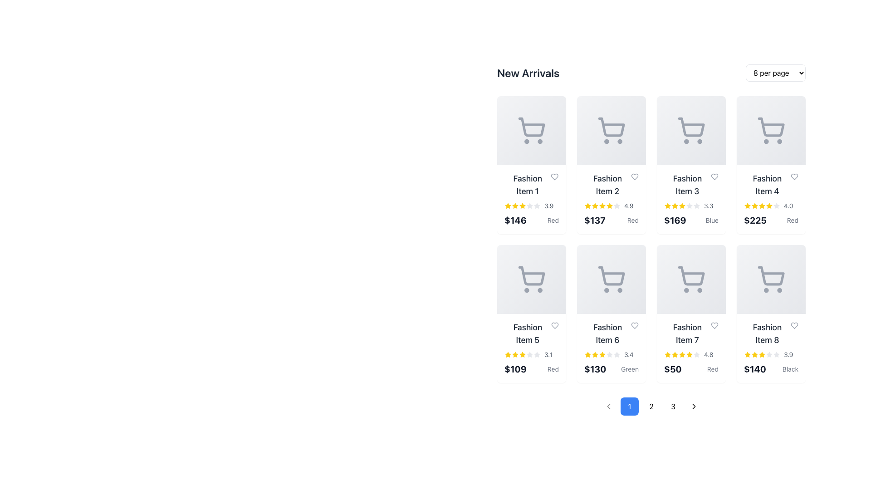 Image resolution: width=871 pixels, height=490 pixels. What do you see at coordinates (711, 220) in the screenshot?
I see `the static Text Label displaying the color information 'Blue' for the product 'Fashion Item 3', located to the right of the price text '$169' in the 'New Arrivals' grid` at bounding box center [711, 220].